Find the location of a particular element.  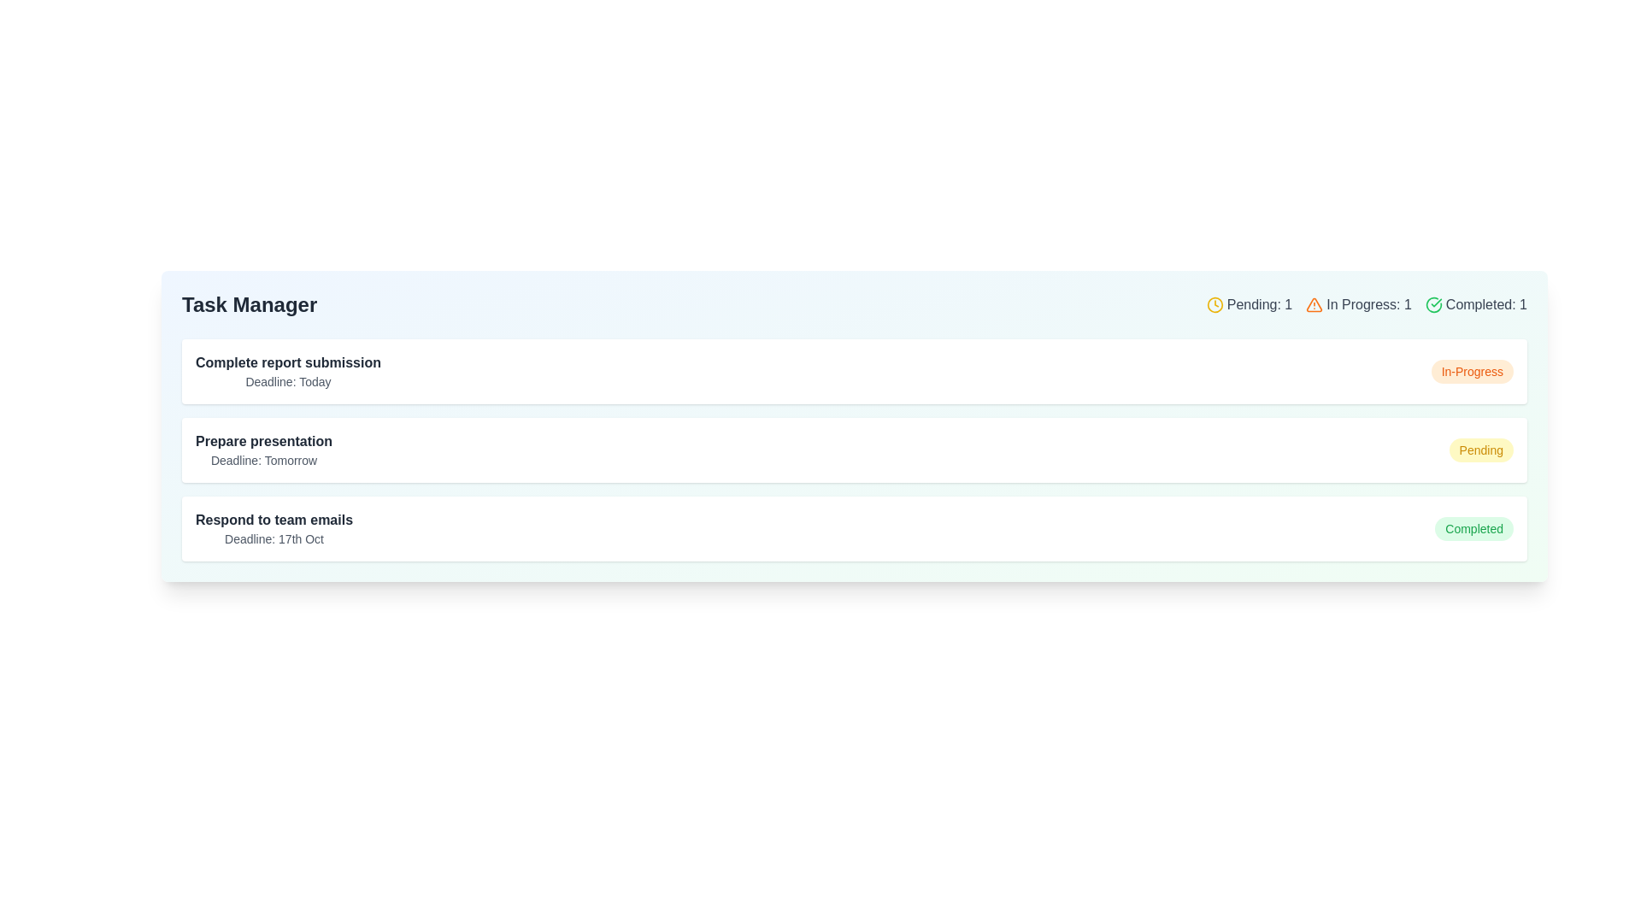

text from the Status indicator that shows the count of 'Pending' tasks located on the far left of the horizontal navigation section is located at coordinates (1249, 304).